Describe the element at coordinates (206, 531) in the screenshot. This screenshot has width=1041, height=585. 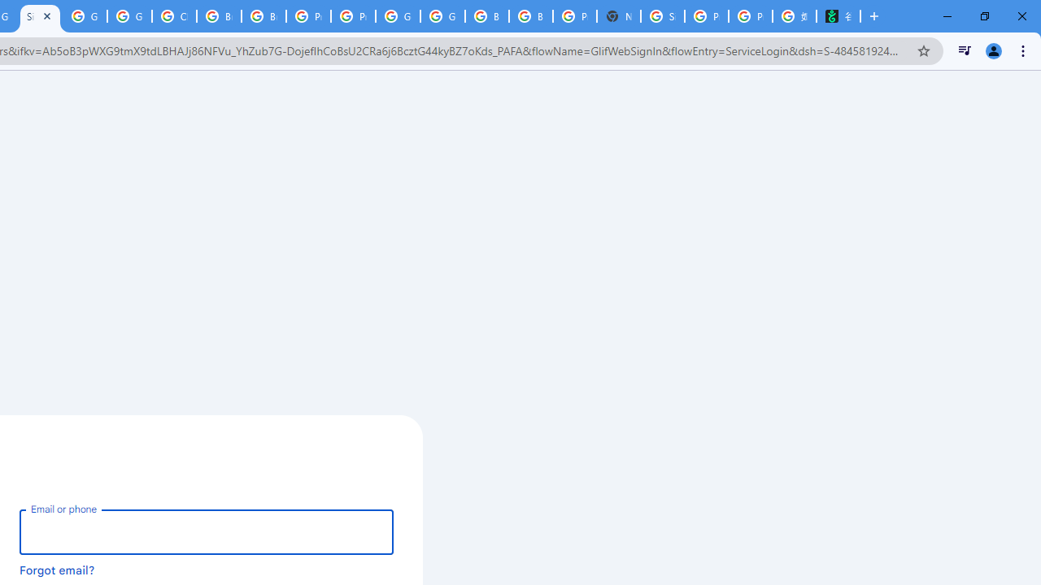
I see `'Email or phone'` at that location.